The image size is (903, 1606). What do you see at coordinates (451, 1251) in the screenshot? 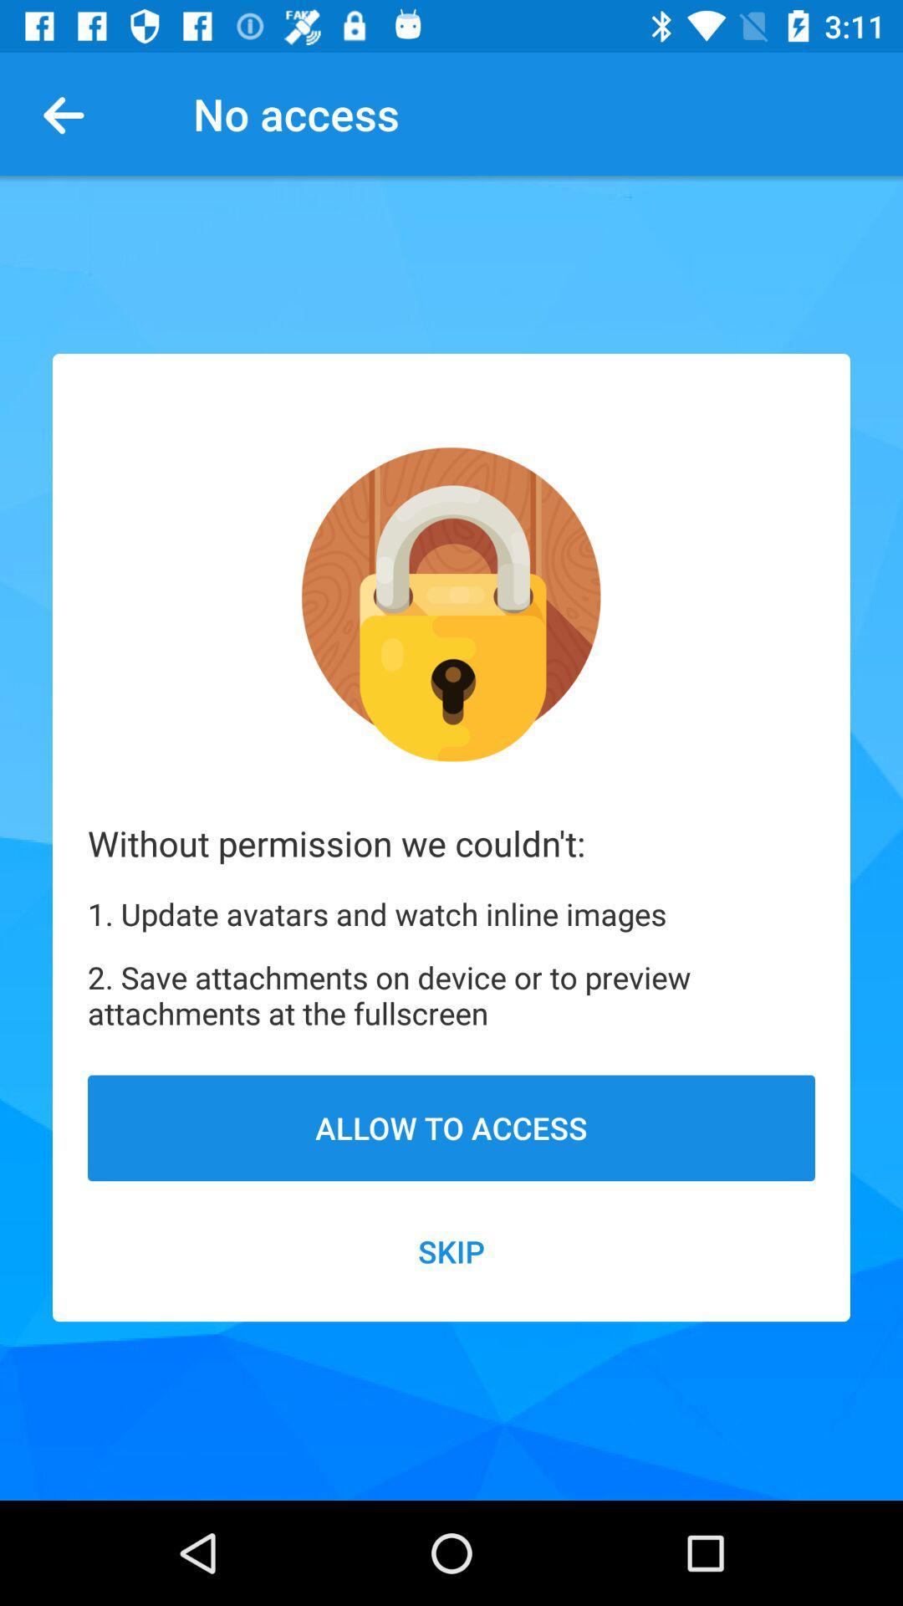
I see `the skip icon` at bounding box center [451, 1251].